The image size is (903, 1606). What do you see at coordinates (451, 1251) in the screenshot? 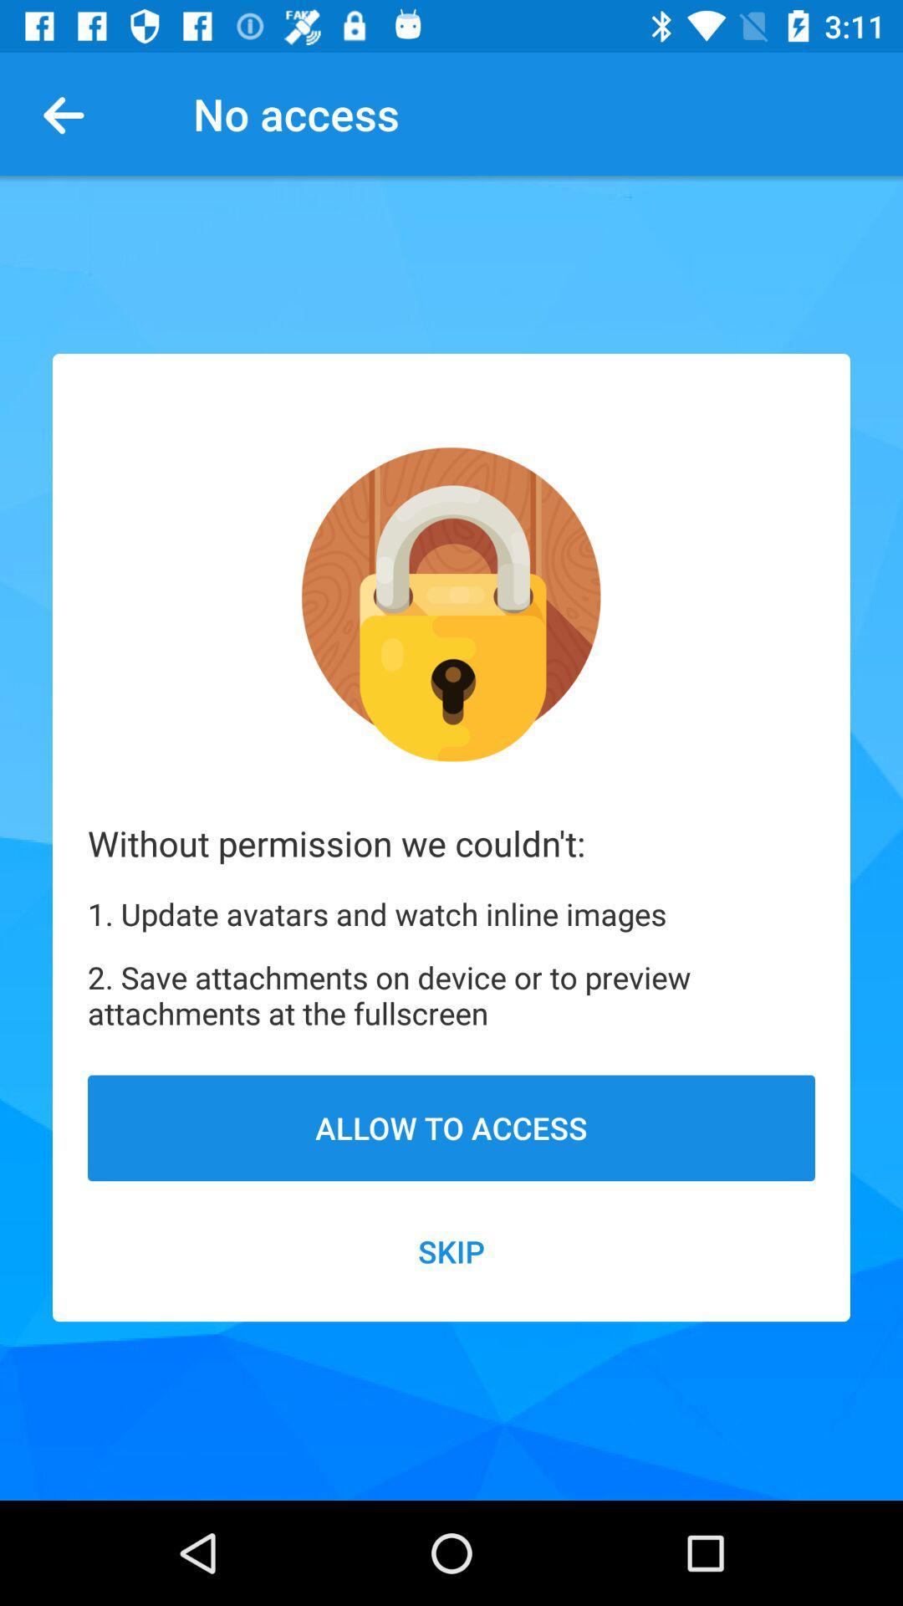
I see `the skip icon` at bounding box center [451, 1251].